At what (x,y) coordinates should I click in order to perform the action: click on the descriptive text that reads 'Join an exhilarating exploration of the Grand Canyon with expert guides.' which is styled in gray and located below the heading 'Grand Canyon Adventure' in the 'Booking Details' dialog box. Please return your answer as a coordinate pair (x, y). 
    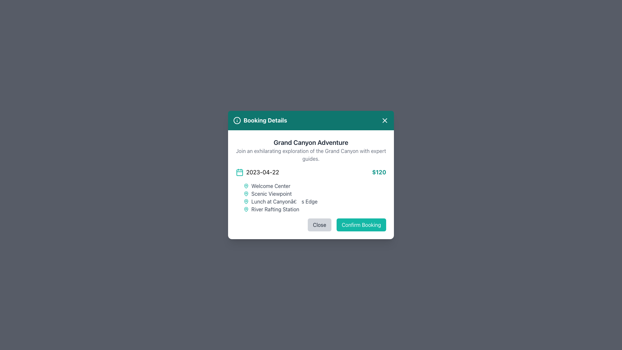
    Looking at the image, I should click on (311, 155).